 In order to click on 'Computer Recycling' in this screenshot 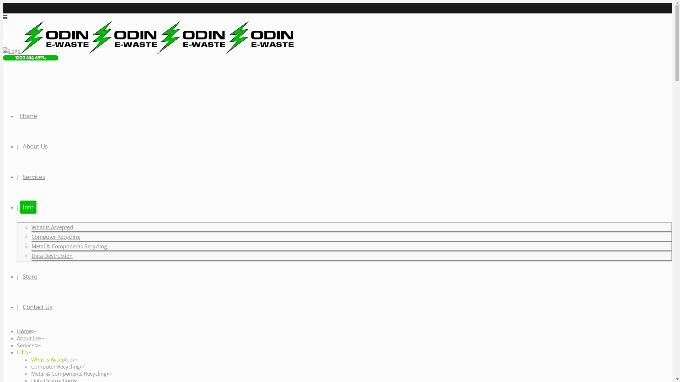, I will do `click(55, 366)`.